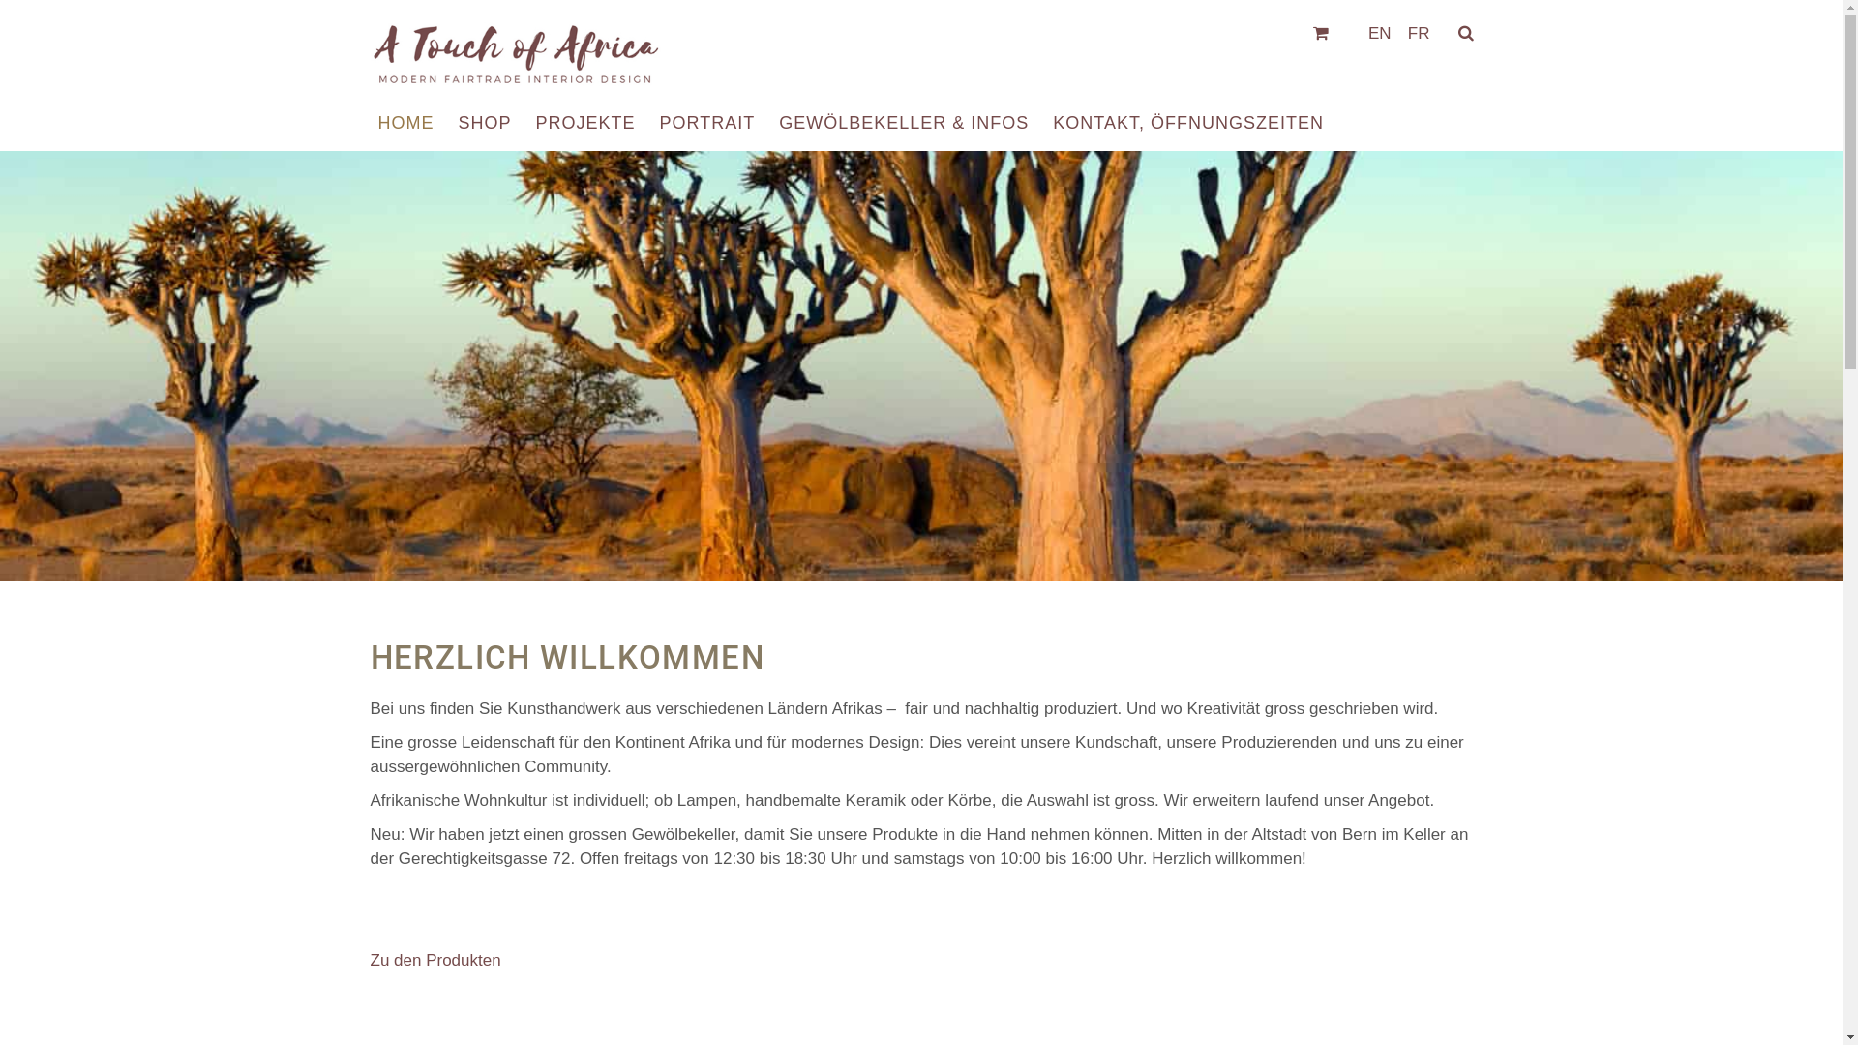  I want to click on 'SHOP', so click(485, 123).